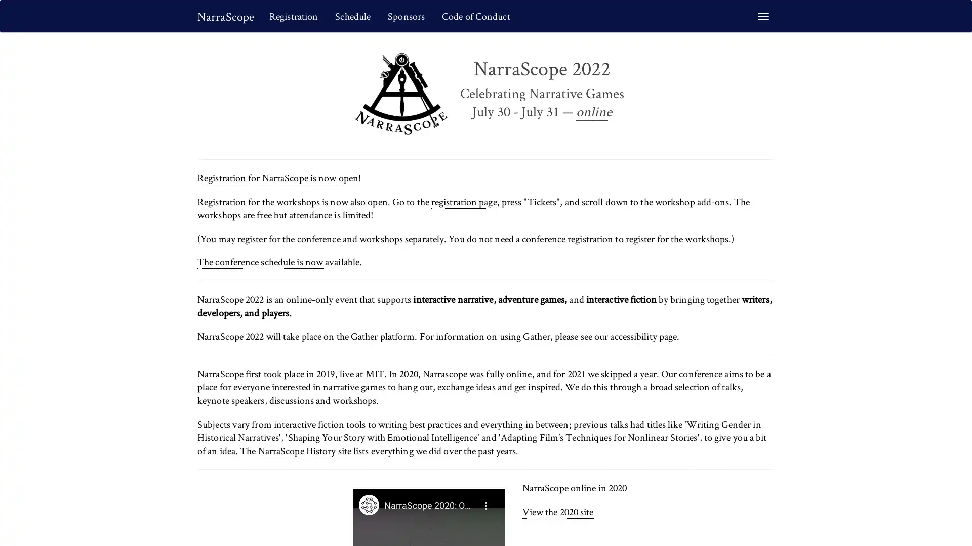 The height and width of the screenshot is (546, 972). What do you see at coordinates (763, 16) in the screenshot?
I see `Toggle navigation` at bounding box center [763, 16].